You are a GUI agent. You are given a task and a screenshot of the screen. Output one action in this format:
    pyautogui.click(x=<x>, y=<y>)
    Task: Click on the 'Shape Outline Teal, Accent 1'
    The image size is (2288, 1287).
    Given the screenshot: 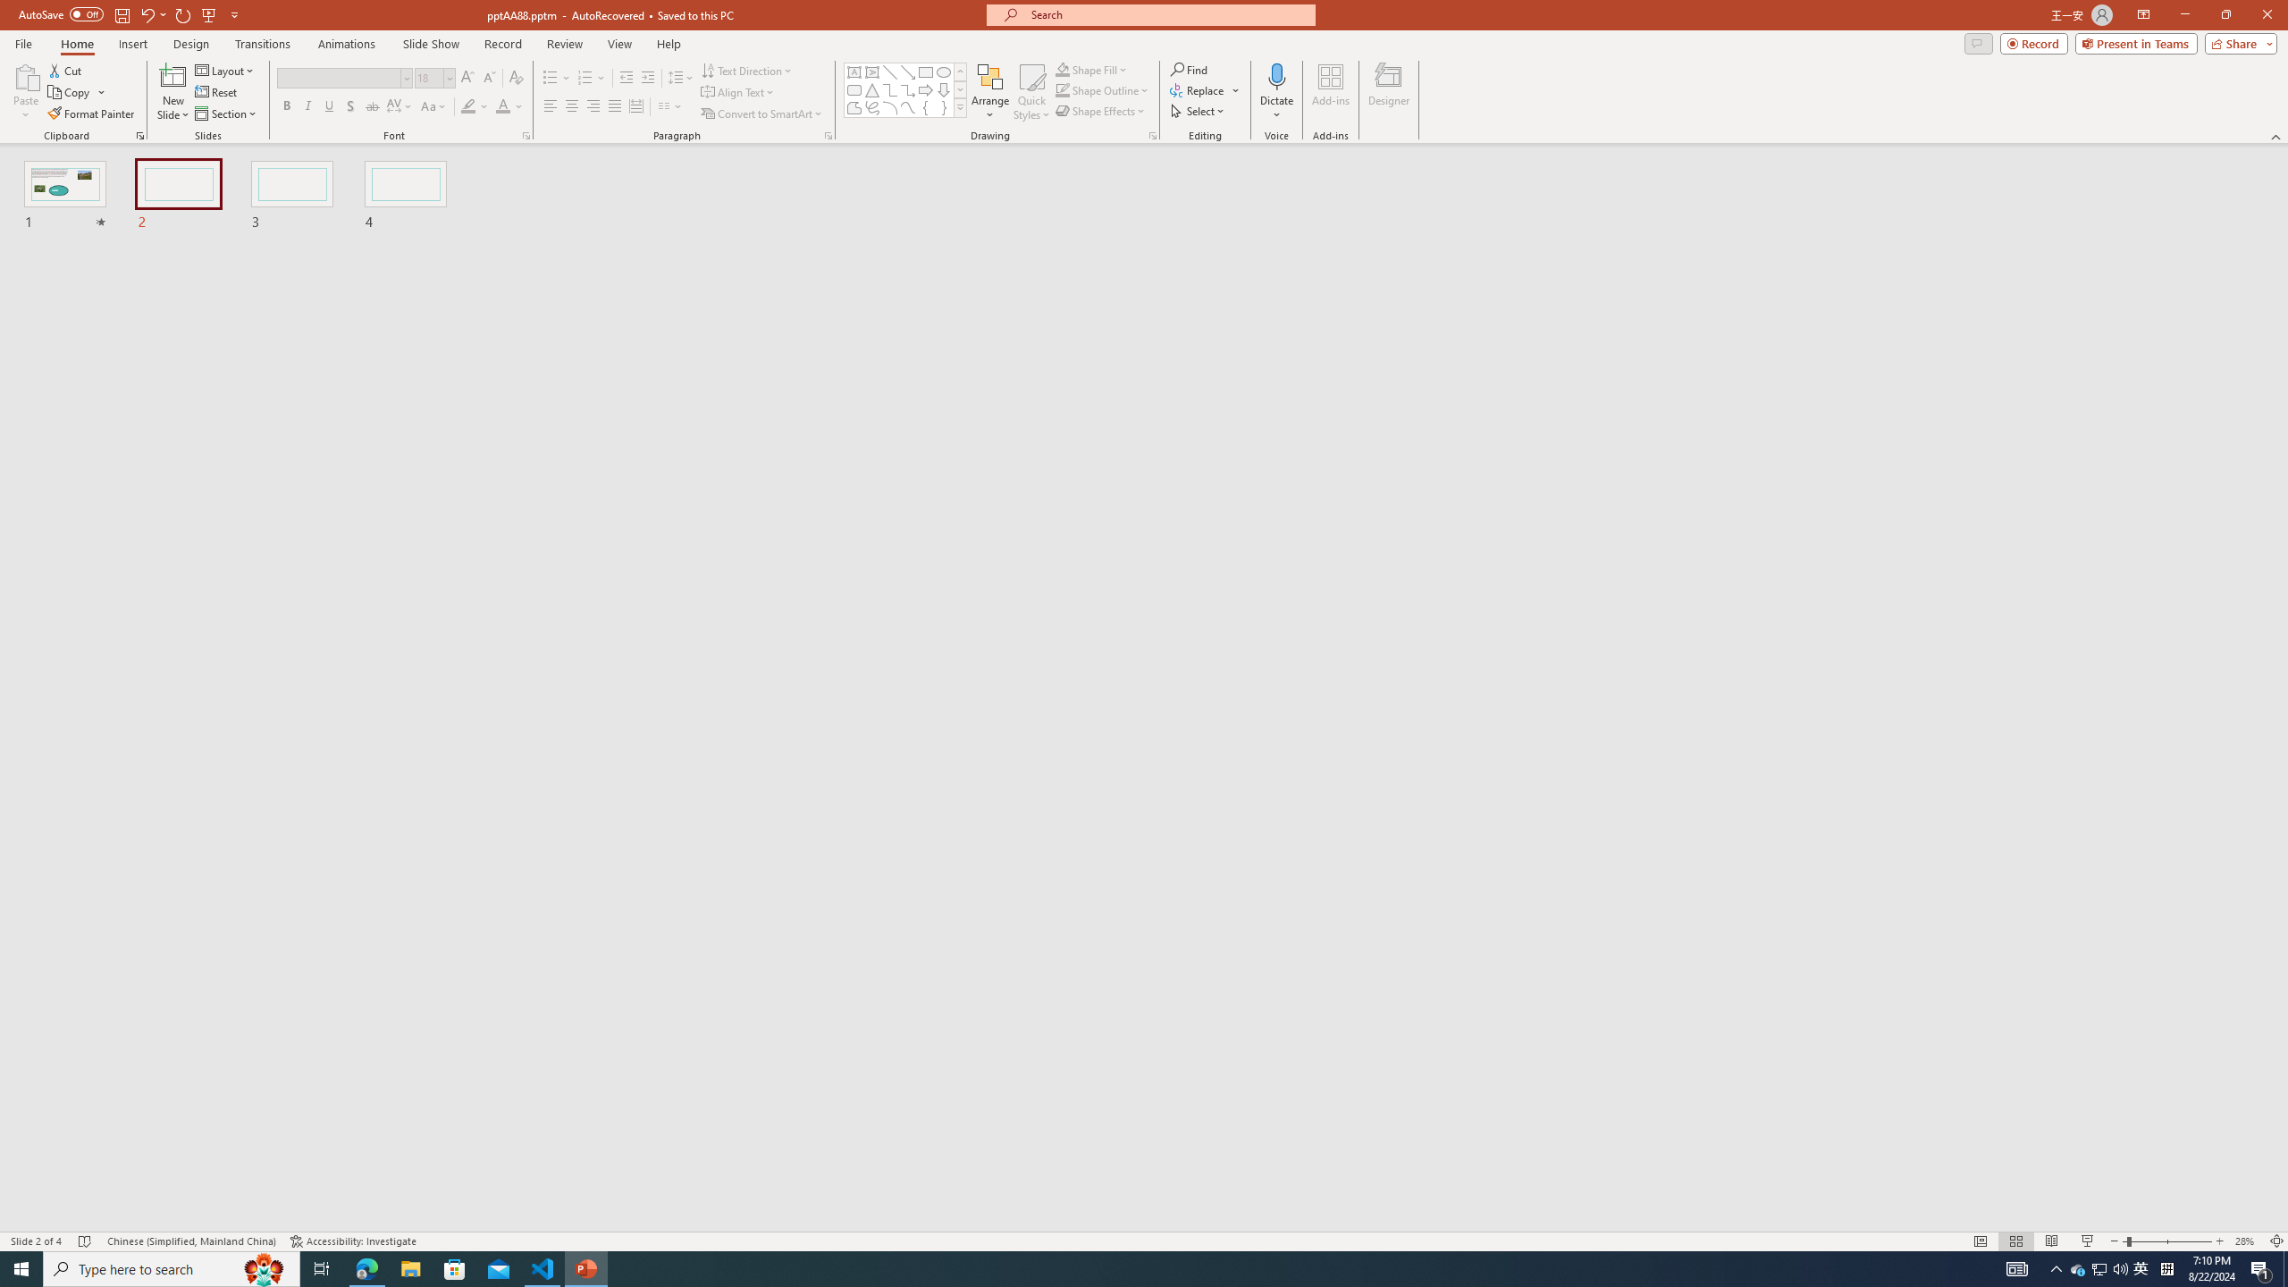 What is the action you would take?
    pyautogui.click(x=1063, y=88)
    